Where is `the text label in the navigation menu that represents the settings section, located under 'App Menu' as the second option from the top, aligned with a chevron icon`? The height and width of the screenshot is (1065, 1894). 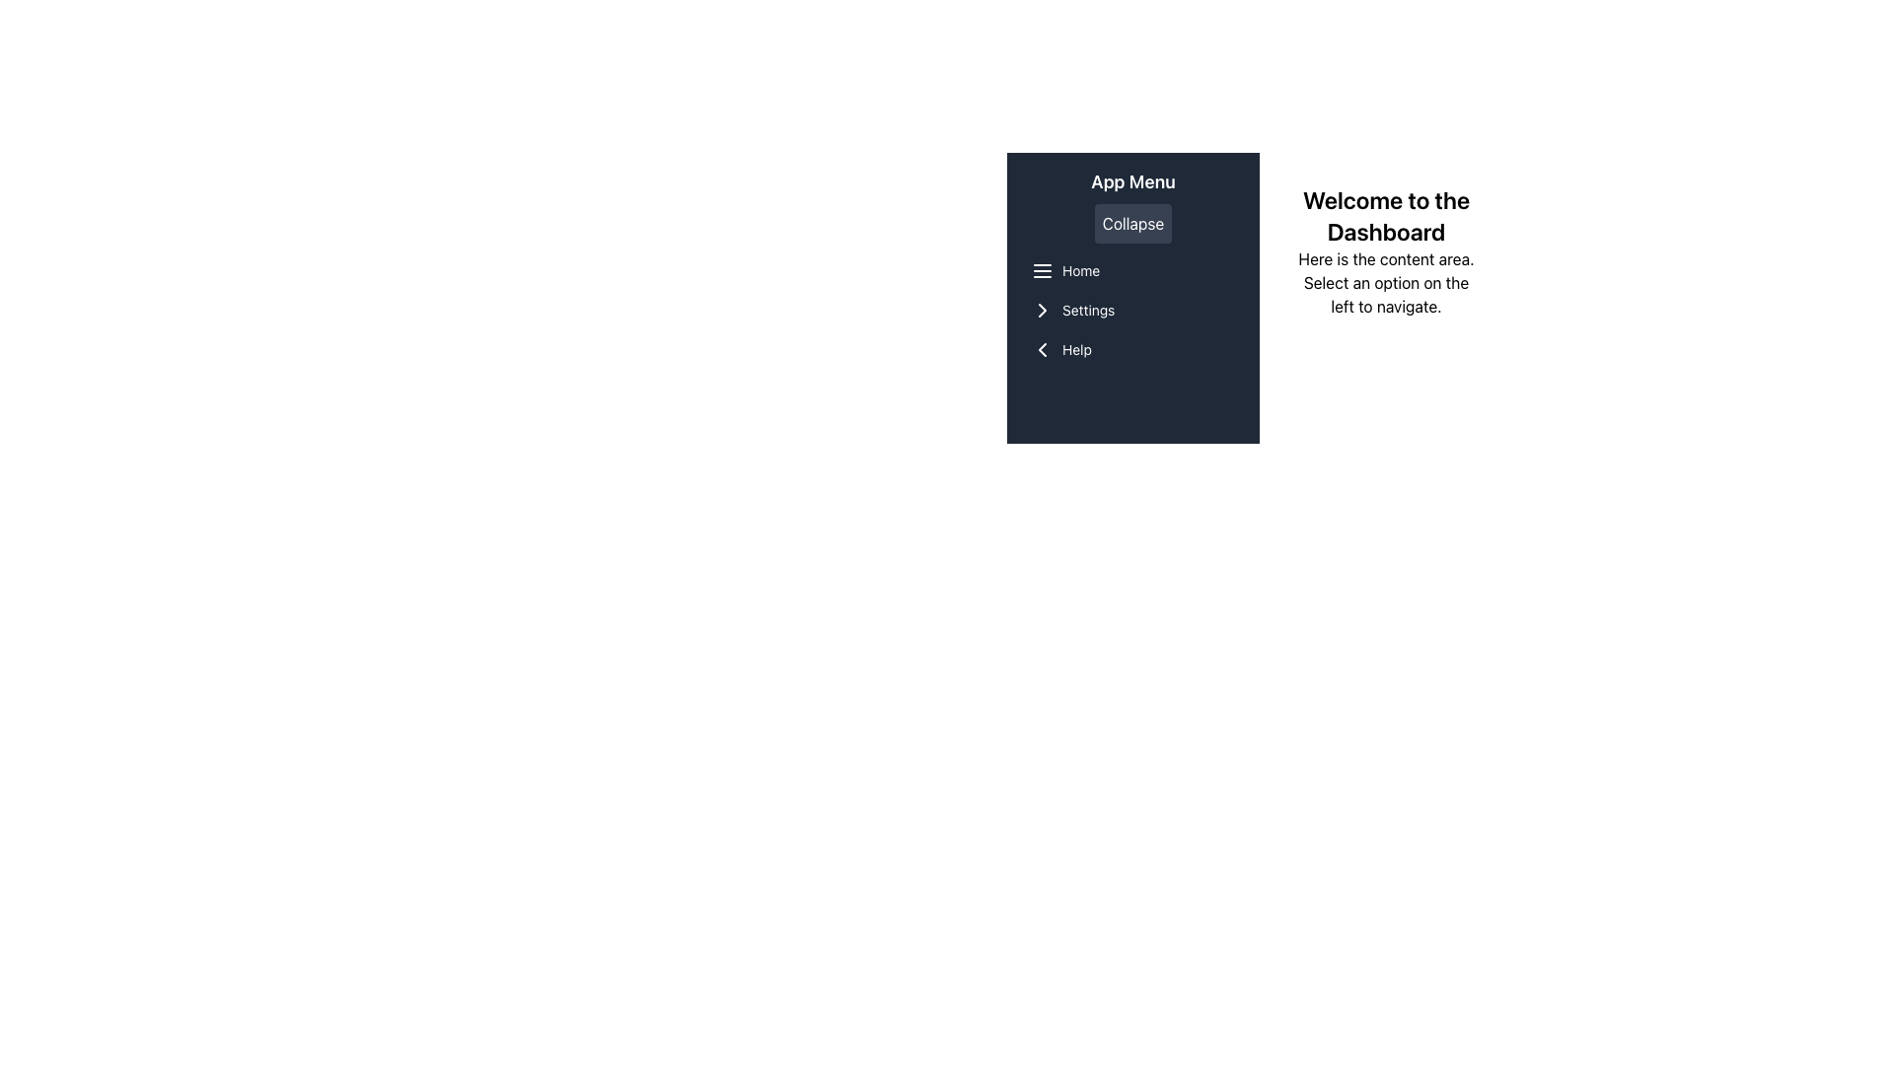 the text label in the navigation menu that represents the settings section, located under 'App Menu' as the second option from the top, aligned with a chevron icon is located at coordinates (1087, 311).